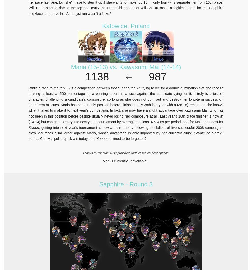 This screenshot has height=270, width=252. Describe the element at coordinates (28, 138) in the screenshot. I see `'series.  Can Mai pull a quick win today or is'` at that location.